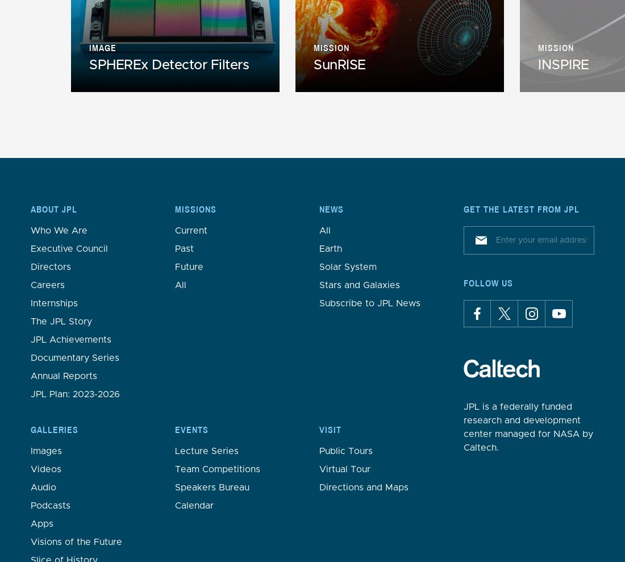  What do you see at coordinates (102, 47) in the screenshot?
I see `'Image'` at bounding box center [102, 47].